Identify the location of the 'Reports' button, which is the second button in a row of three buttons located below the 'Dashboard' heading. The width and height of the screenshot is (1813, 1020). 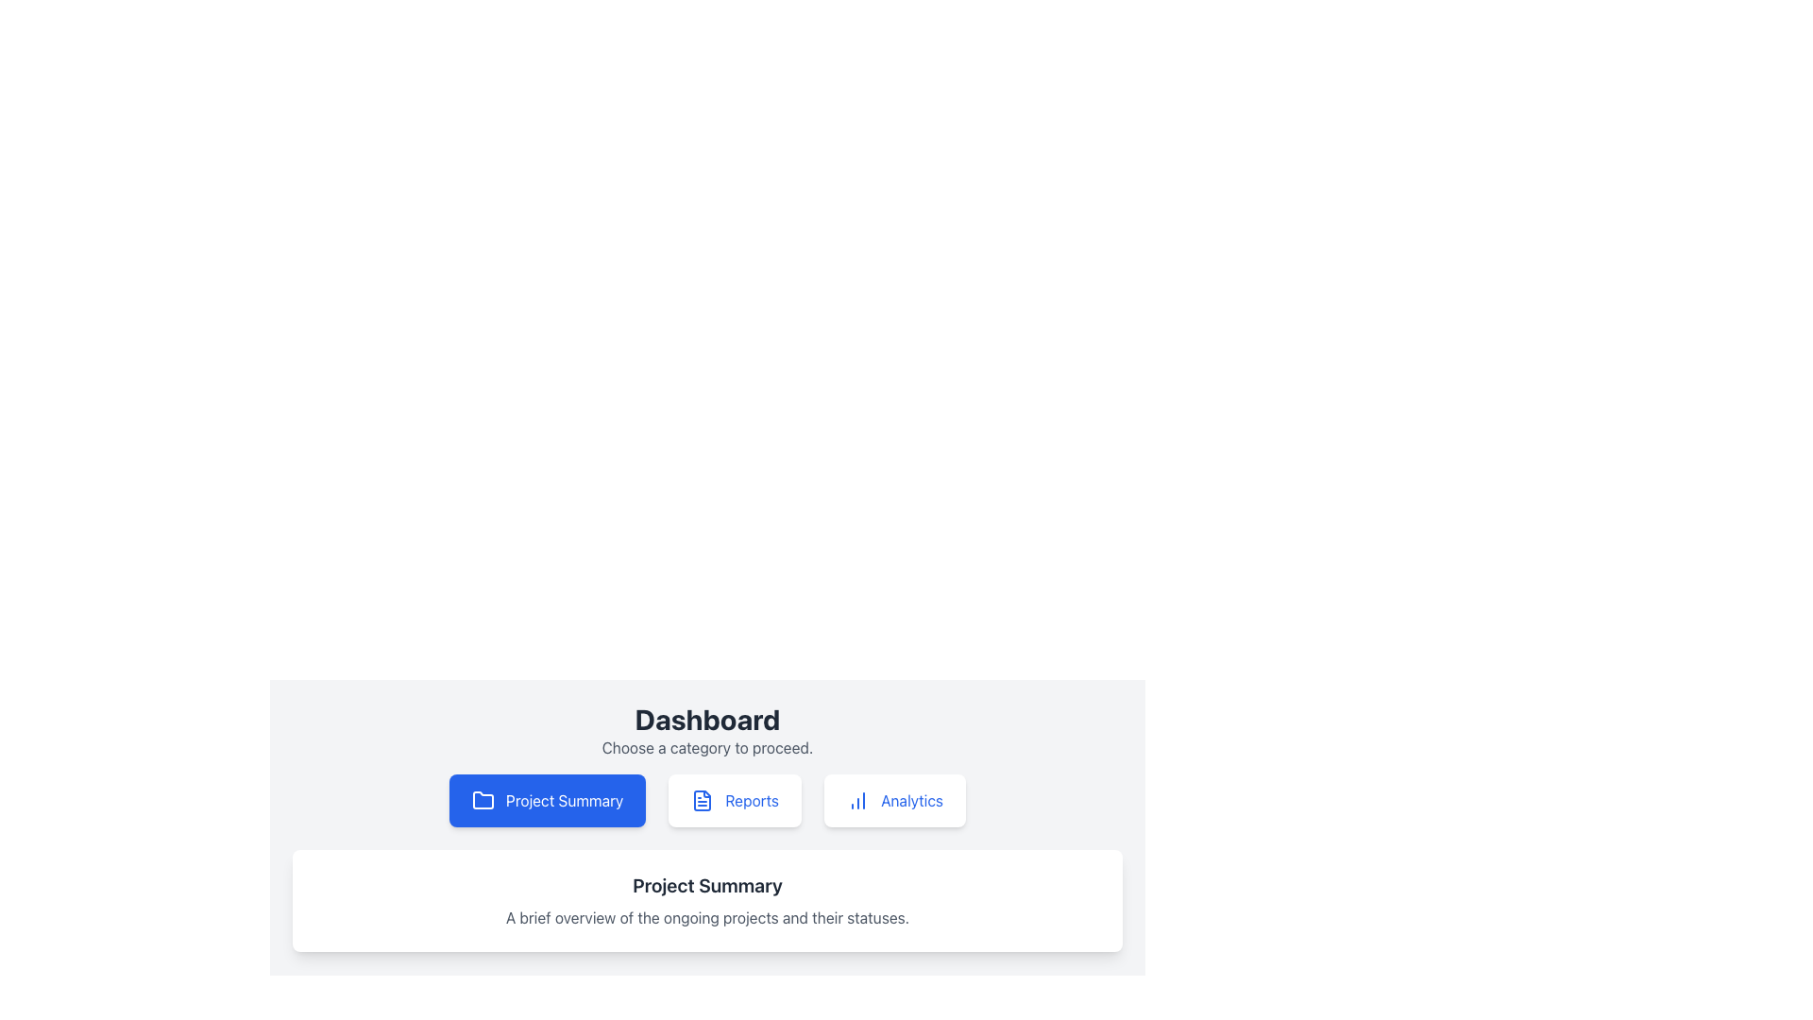
(734, 801).